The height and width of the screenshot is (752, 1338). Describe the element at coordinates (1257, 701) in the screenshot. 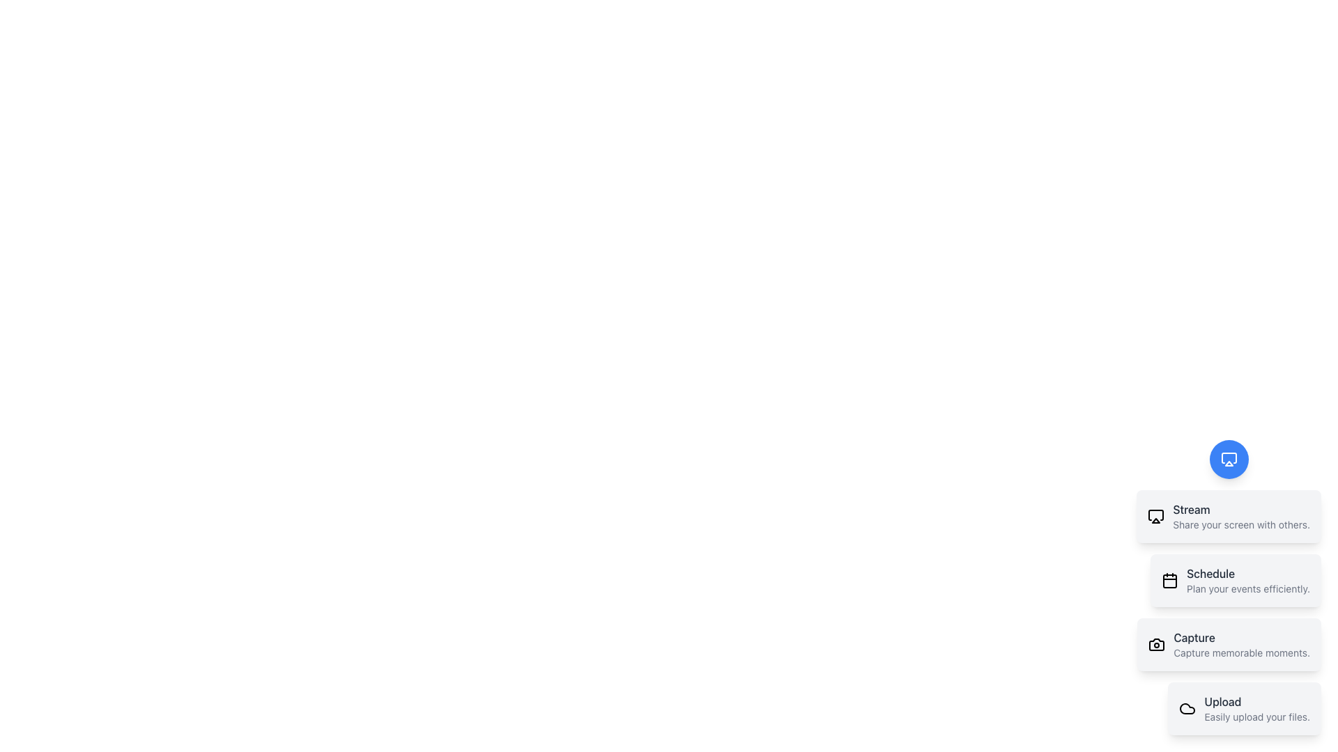

I see `the text label that reads 'Upload' located at the bottom of the vertically aligned menu` at that location.